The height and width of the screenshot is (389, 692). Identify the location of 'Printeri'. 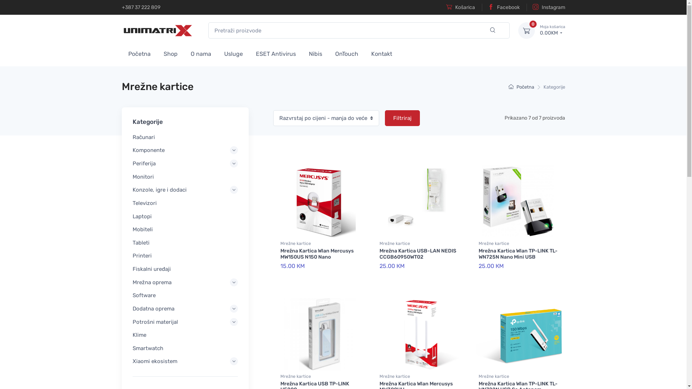
(185, 255).